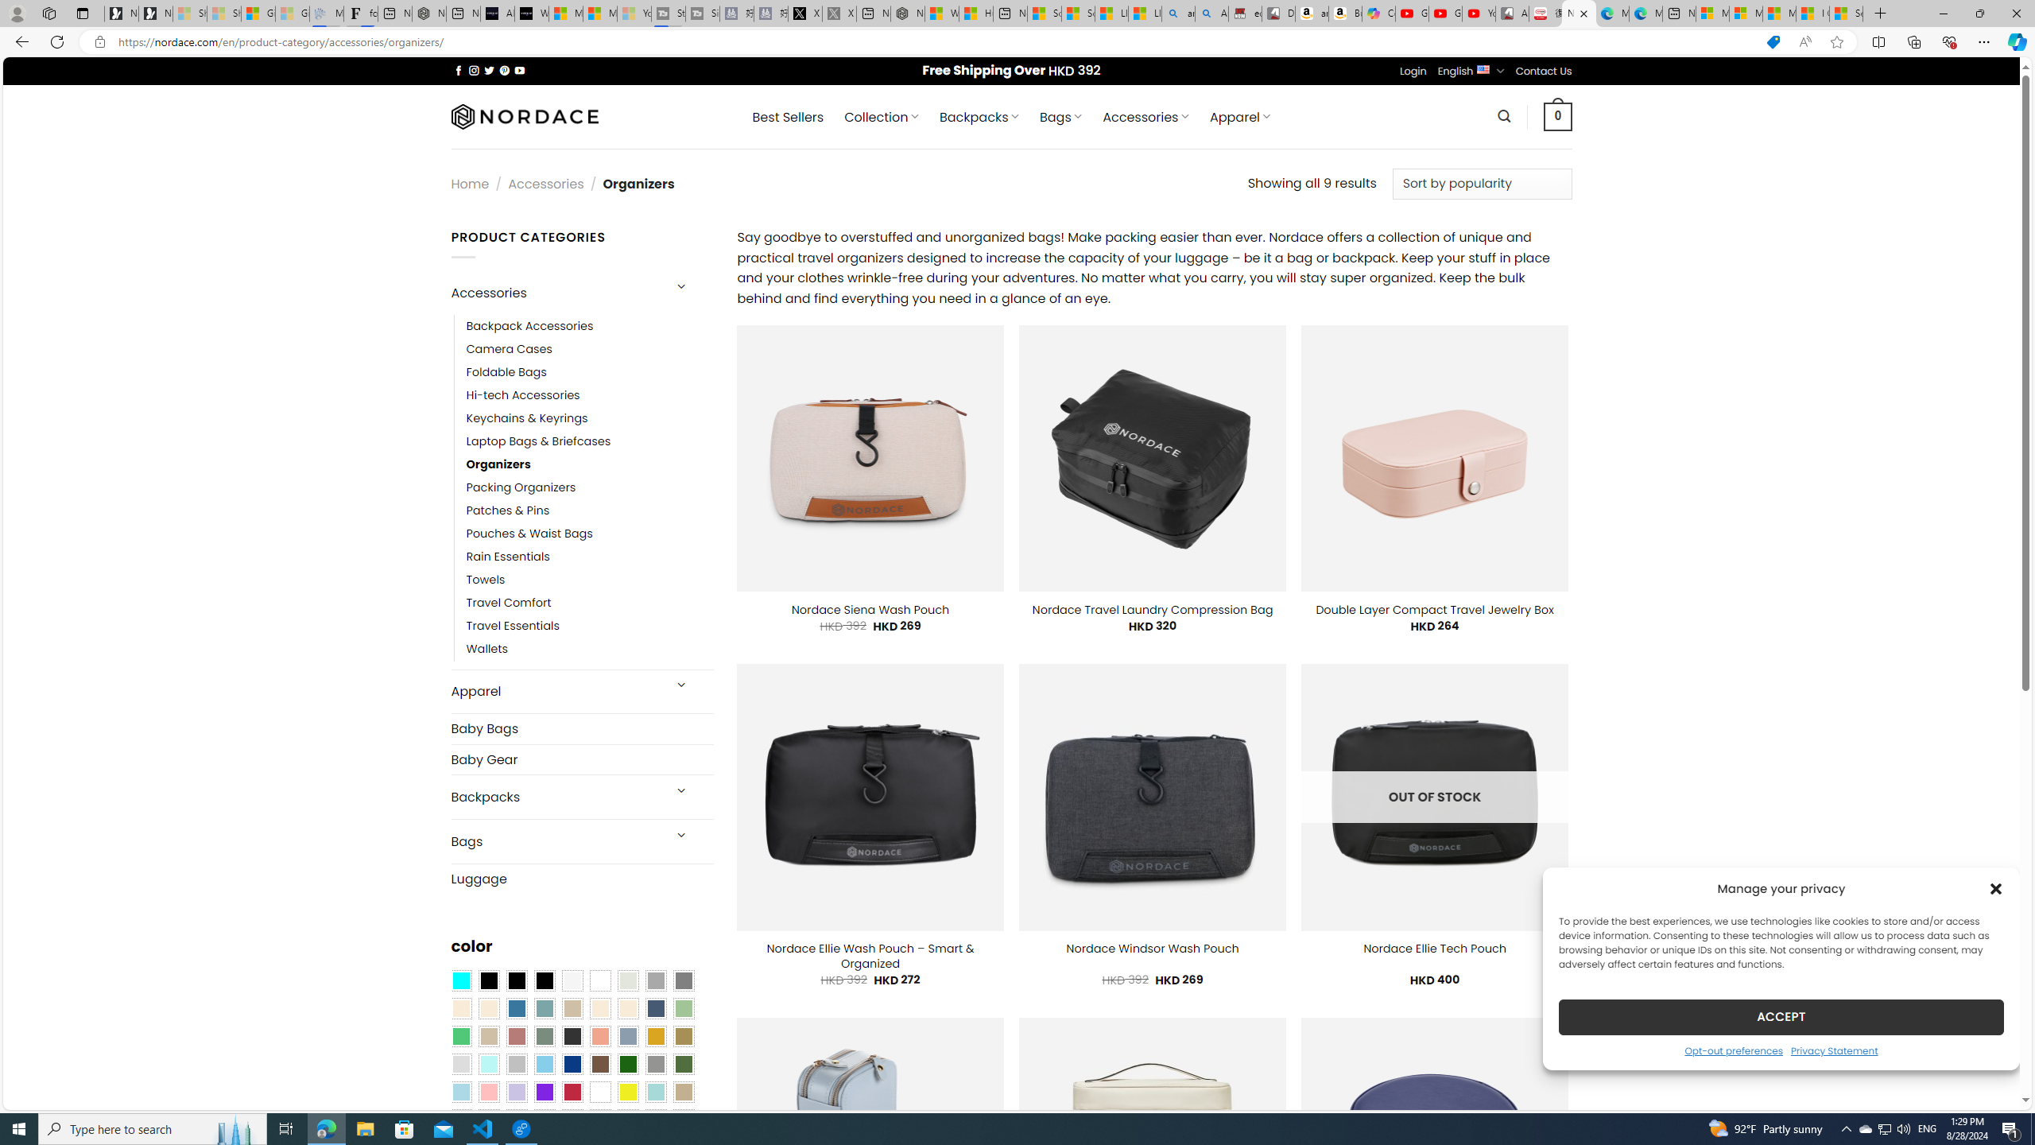 The image size is (2035, 1145). Describe the element at coordinates (788, 116) in the screenshot. I see `' Best Sellers'` at that location.